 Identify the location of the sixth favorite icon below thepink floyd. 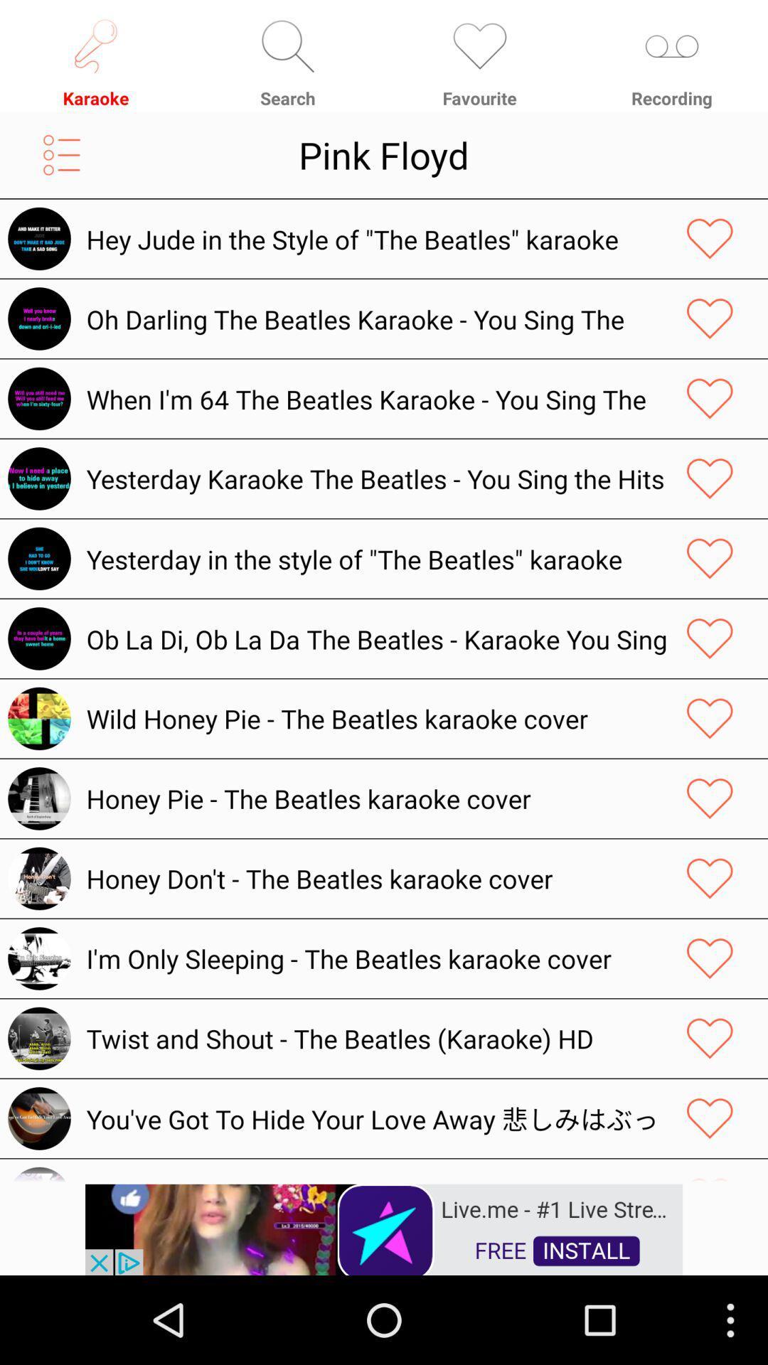
(710, 638).